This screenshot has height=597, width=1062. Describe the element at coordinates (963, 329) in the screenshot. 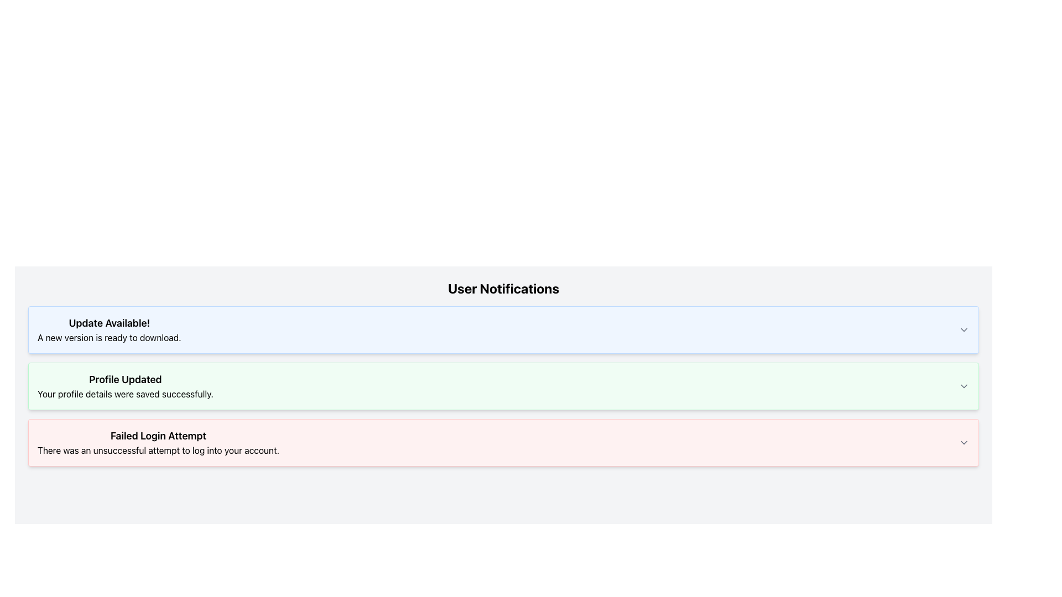

I see `the Dropdown toggle icon located at the far right of the notification panel labeled 'Update Available! A new version is ready to download.'` at that location.